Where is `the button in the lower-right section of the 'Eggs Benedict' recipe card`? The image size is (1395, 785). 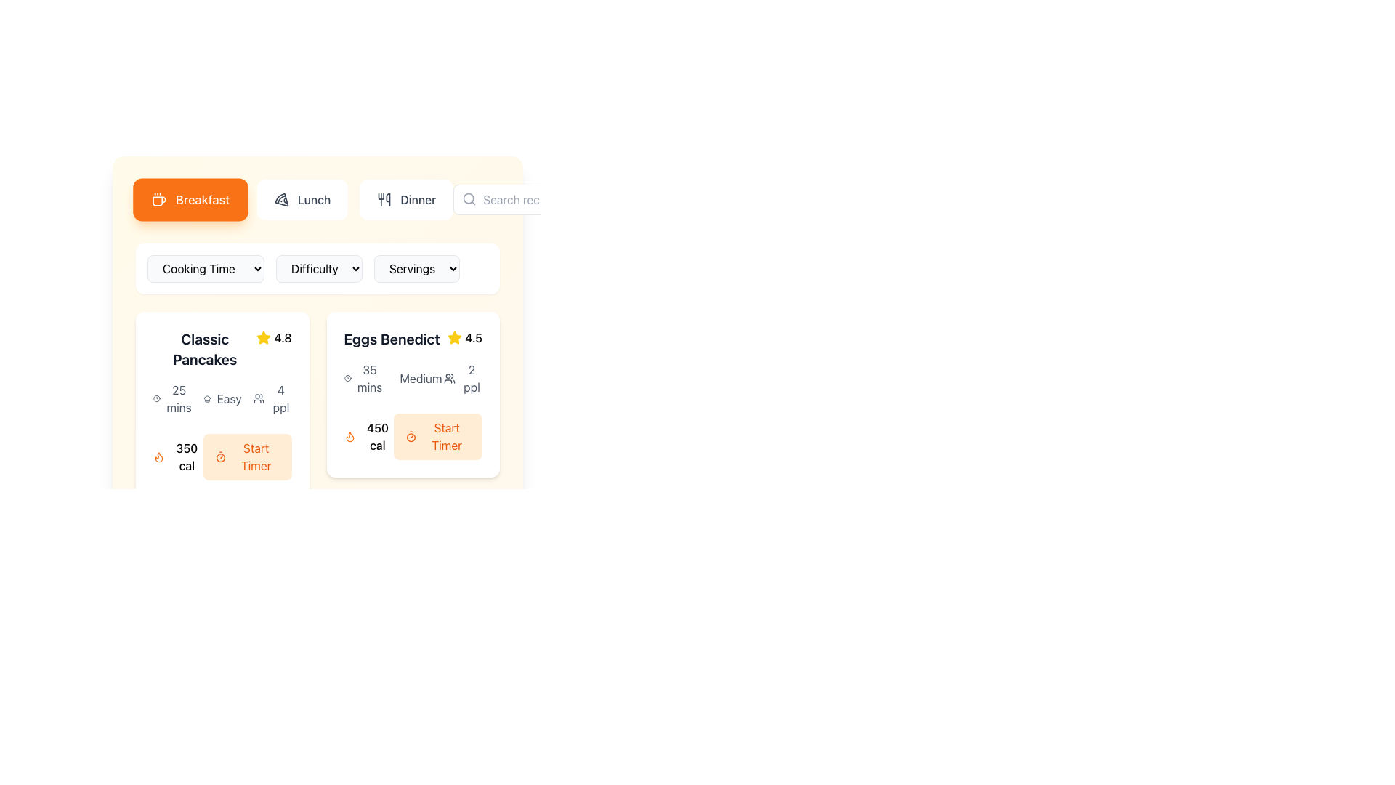
the button in the lower-right section of the 'Eggs Benedict' recipe card is located at coordinates (437, 436).